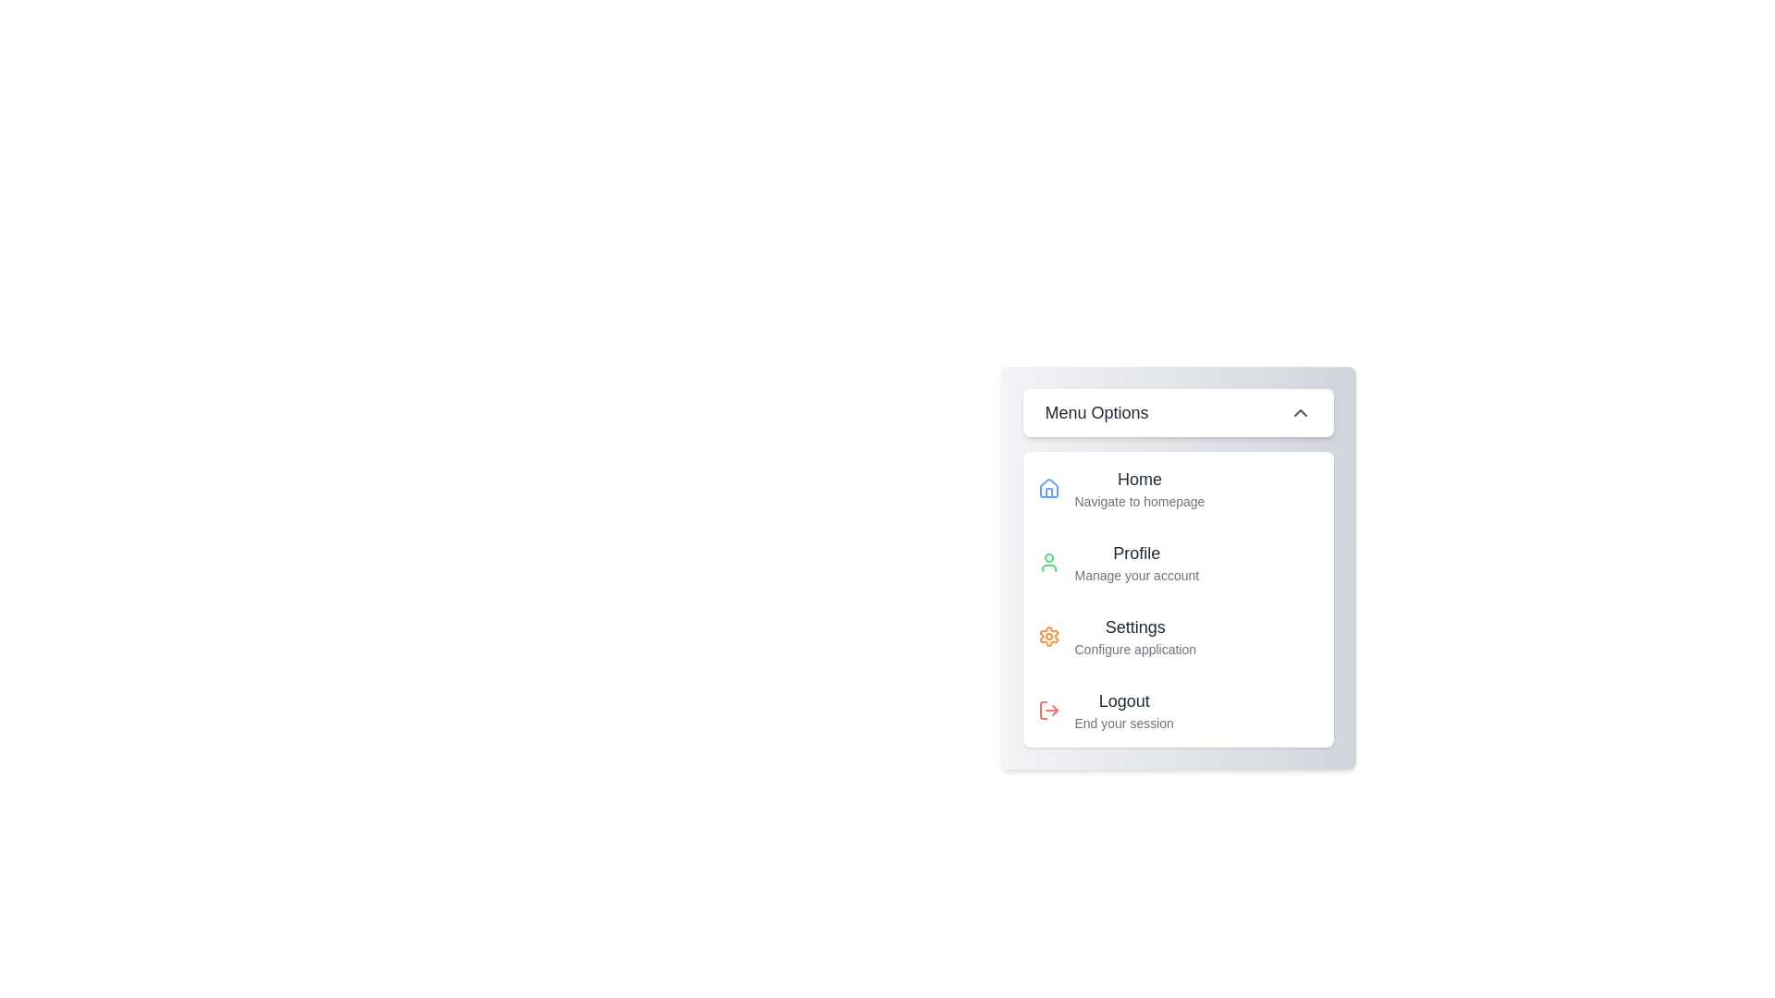  Describe the element at coordinates (1299, 412) in the screenshot. I see `the Chevron up icon button` at that location.